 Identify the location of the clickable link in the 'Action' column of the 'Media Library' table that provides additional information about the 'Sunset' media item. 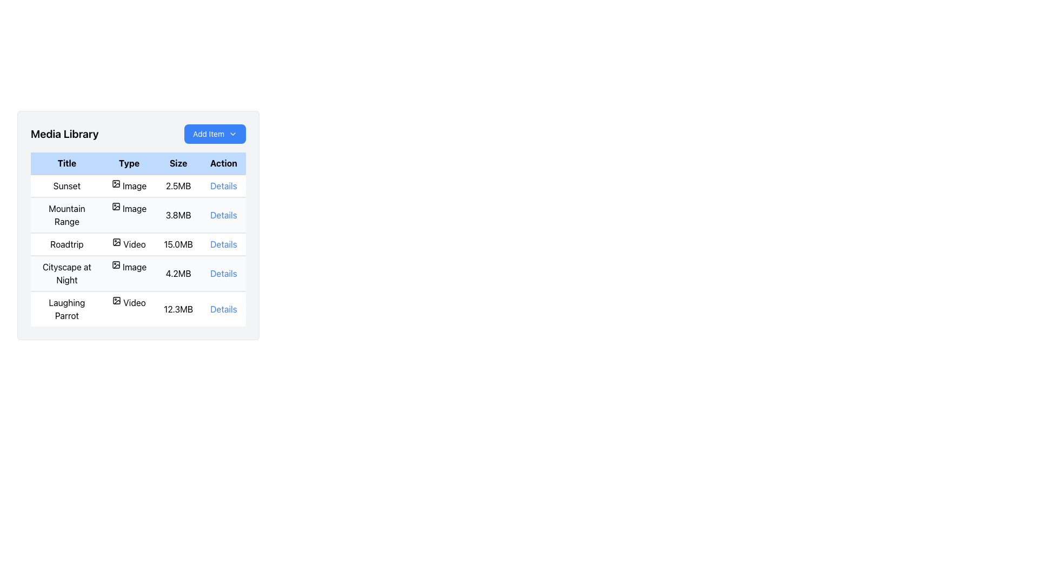
(223, 185).